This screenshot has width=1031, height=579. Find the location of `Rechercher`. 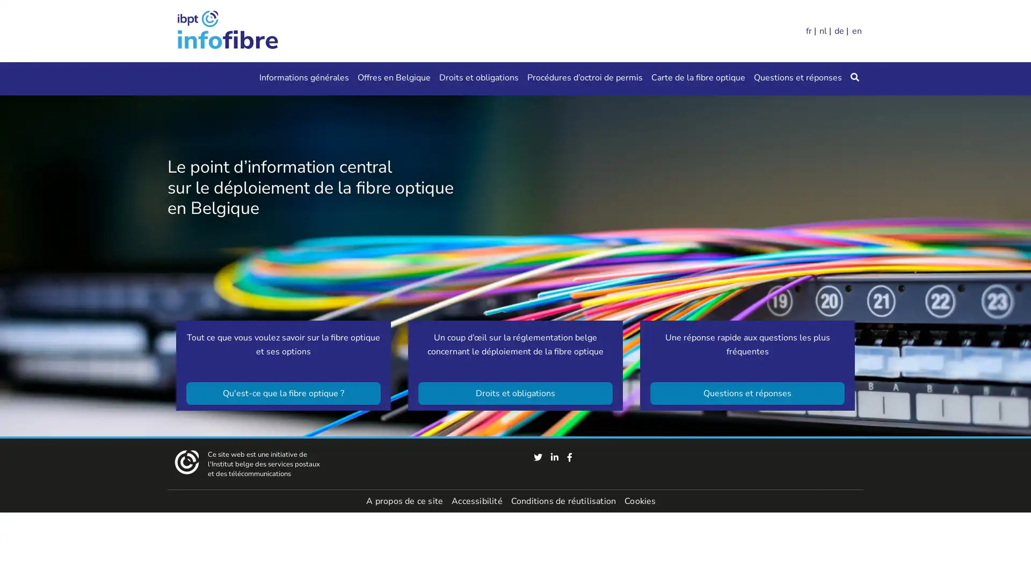

Rechercher is located at coordinates (854, 78).